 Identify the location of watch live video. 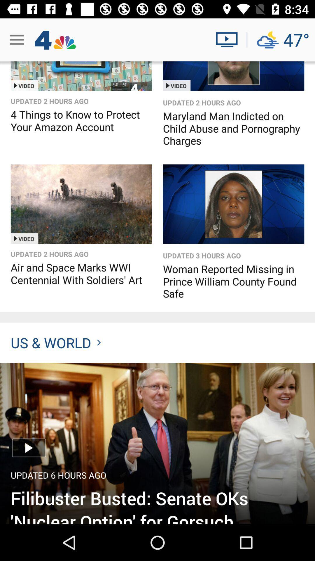
(229, 39).